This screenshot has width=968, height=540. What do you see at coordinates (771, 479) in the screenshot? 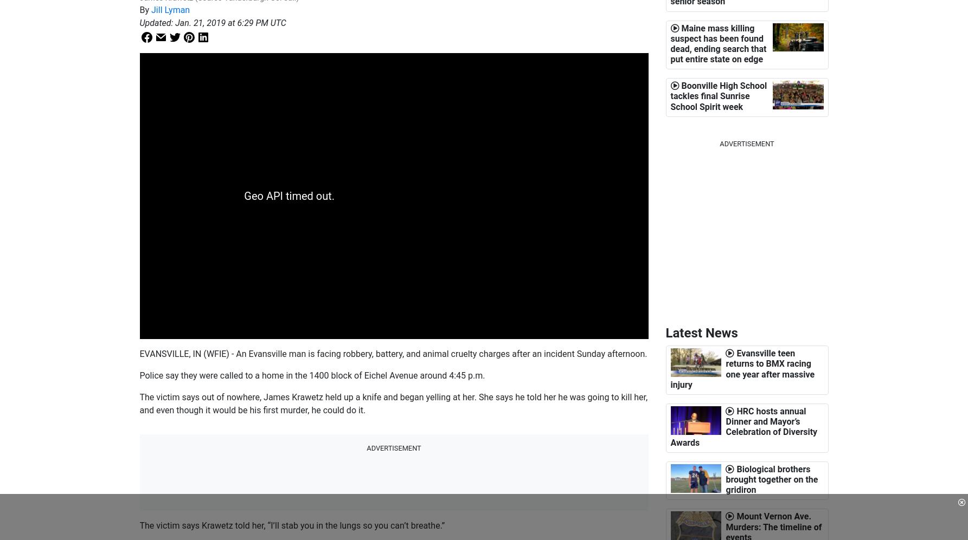
I see `'Biological brothers brought together on the gridiron'` at bounding box center [771, 479].